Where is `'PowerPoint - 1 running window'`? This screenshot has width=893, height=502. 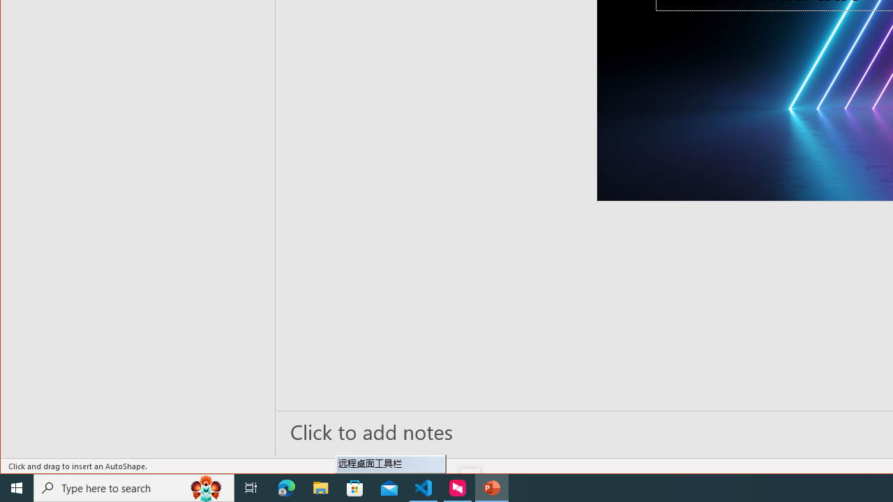
'PowerPoint - 1 running window' is located at coordinates (492, 487).